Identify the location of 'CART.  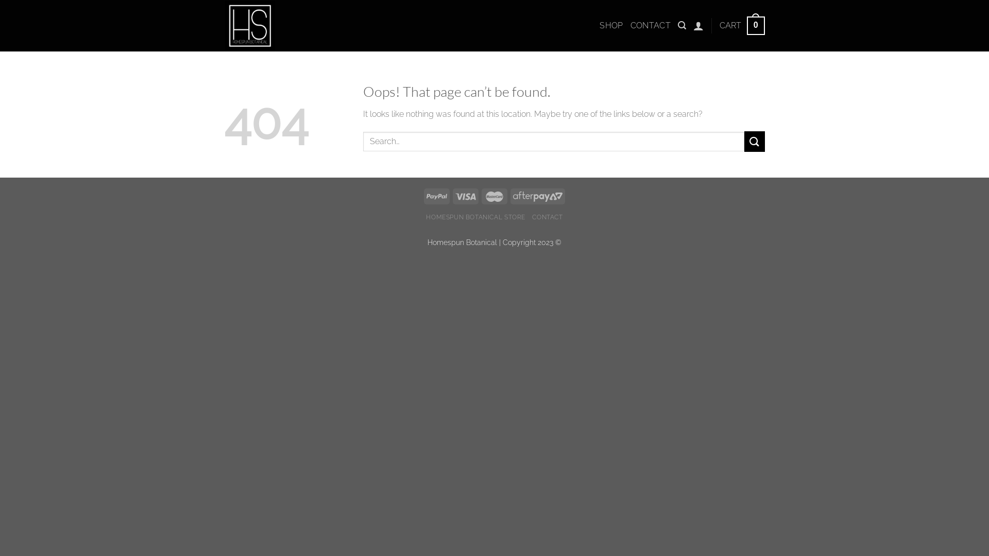
(742, 25).